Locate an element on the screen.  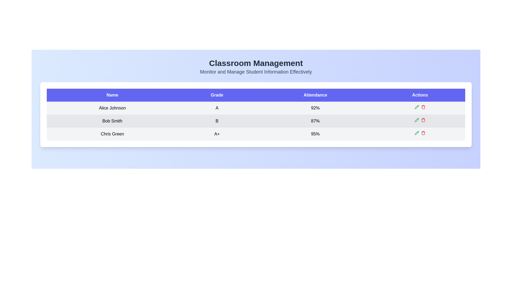
the cell in the table row displaying information about Chris Green is located at coordinates (255, 134).